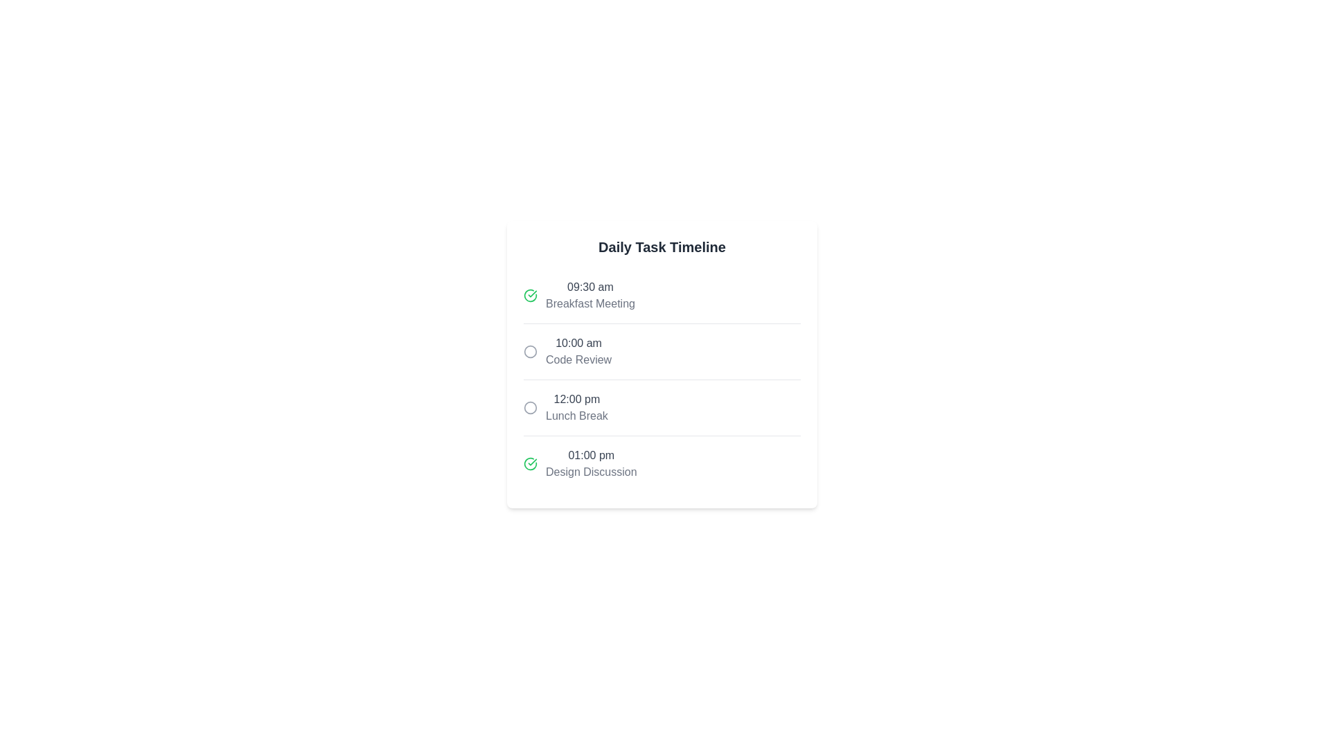 The image size is (1330, 748). Describe the element at coordinates (530, 295) in the screenshot. I see `the green circular icon with a checkmark indicating a completed status, located to the left of '09:30 am Breakfast Meeting' in the 'Daily Task Timeline' section` at that location.